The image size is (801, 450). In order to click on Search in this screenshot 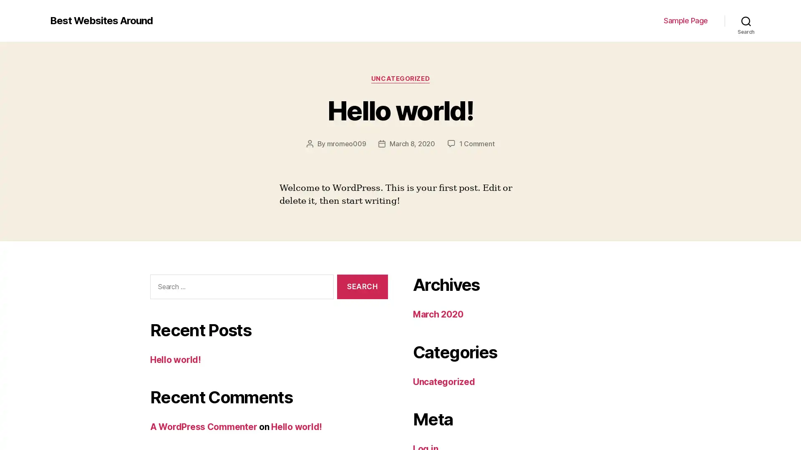, I will do `click(362, 286)`.